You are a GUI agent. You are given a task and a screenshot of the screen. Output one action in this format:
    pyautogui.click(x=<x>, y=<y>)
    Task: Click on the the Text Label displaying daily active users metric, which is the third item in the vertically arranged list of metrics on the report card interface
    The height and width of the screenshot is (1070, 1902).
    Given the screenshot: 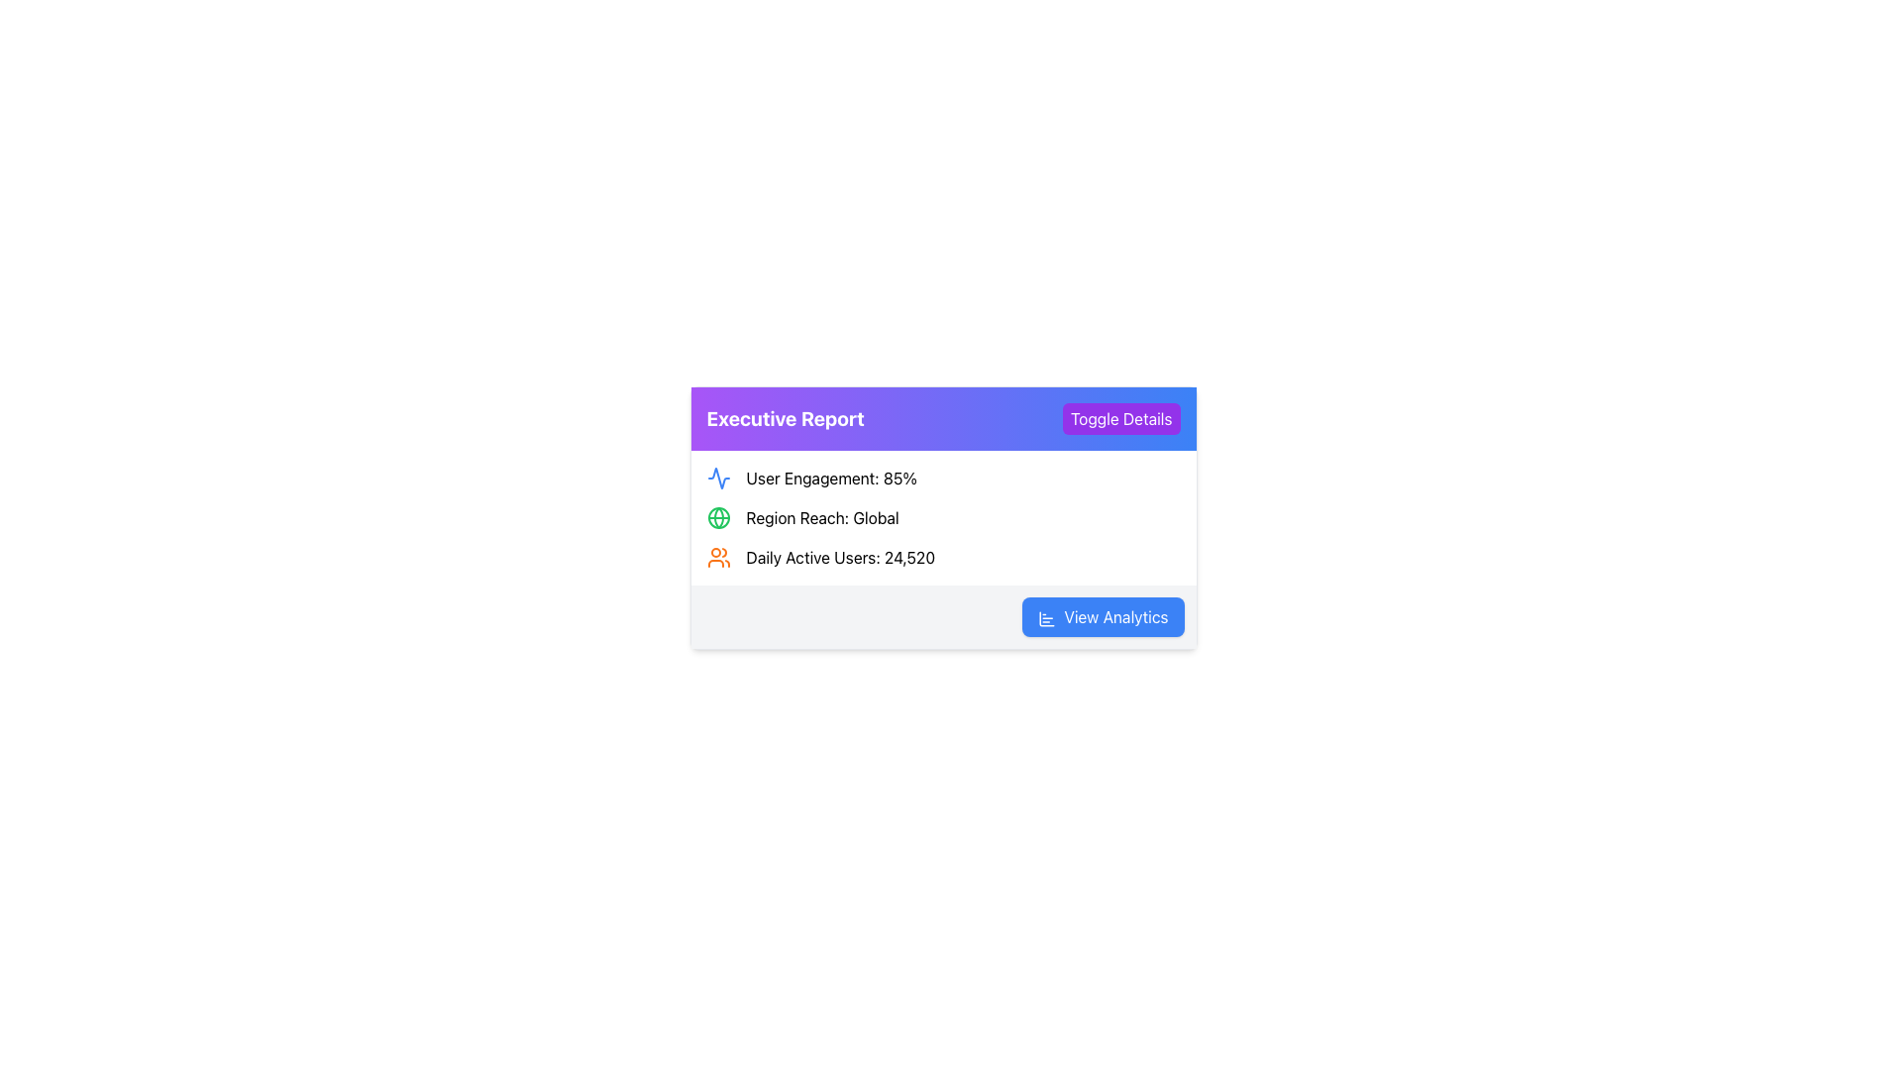 What is the action you would take?
    pyautogui.click(x=840, y=558)
    